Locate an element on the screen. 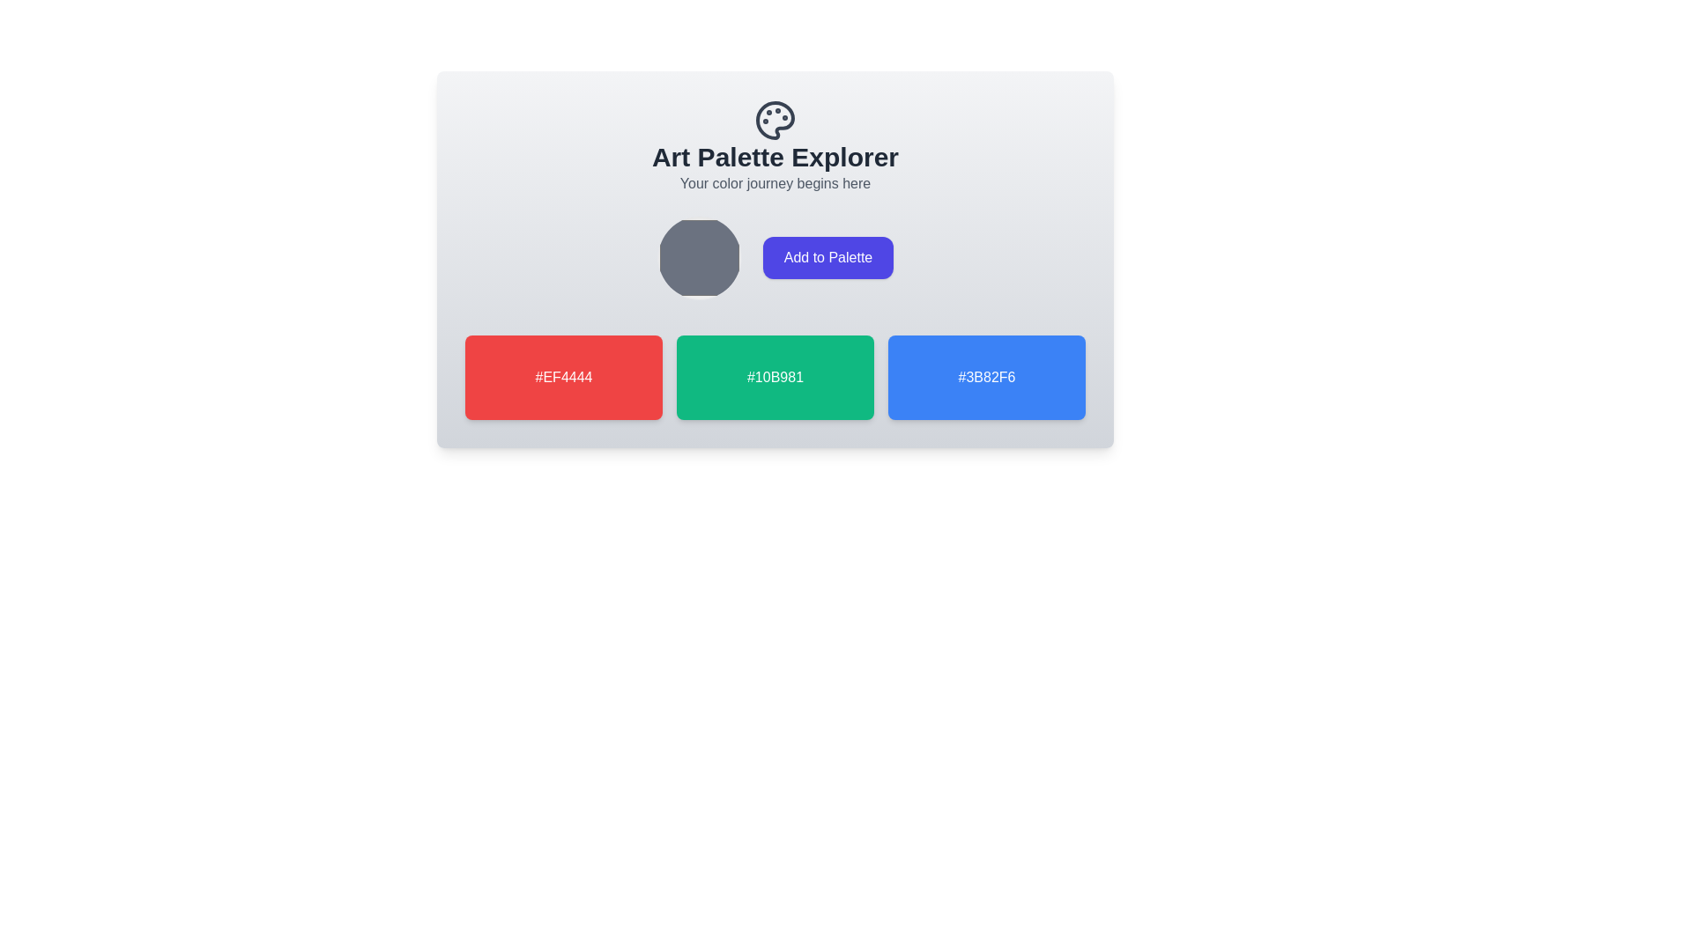 The image size is (1692, 951). the text label that reads 'Your color journey begins here', which is styled with a medium font weight and gray color, located below the 'Art Palette Explorer' title in the header area is located at coordinates (775, 183).